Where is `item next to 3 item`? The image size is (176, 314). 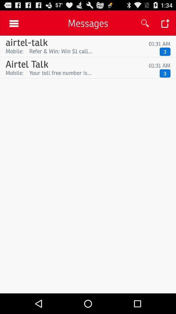 item next to 3 item is located at coordinates (93, 73).